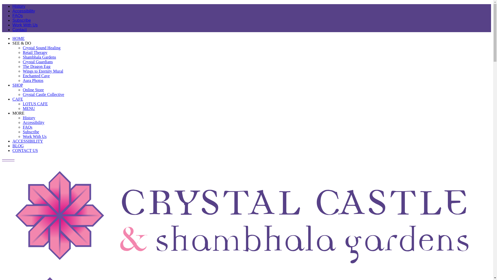 The height and width of the screenshot is (280, 497). I want to click on 'Aura Photos', so click(33, 80).